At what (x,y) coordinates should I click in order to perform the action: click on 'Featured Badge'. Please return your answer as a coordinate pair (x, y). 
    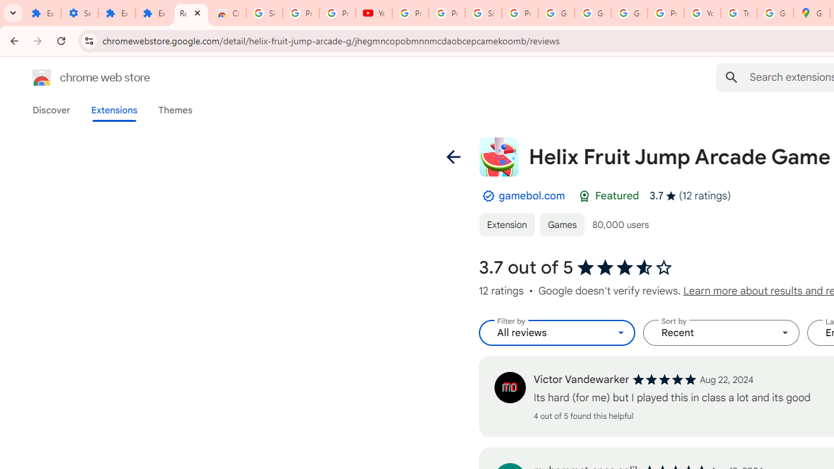
    Looking at the image, I should click on (584, 196).